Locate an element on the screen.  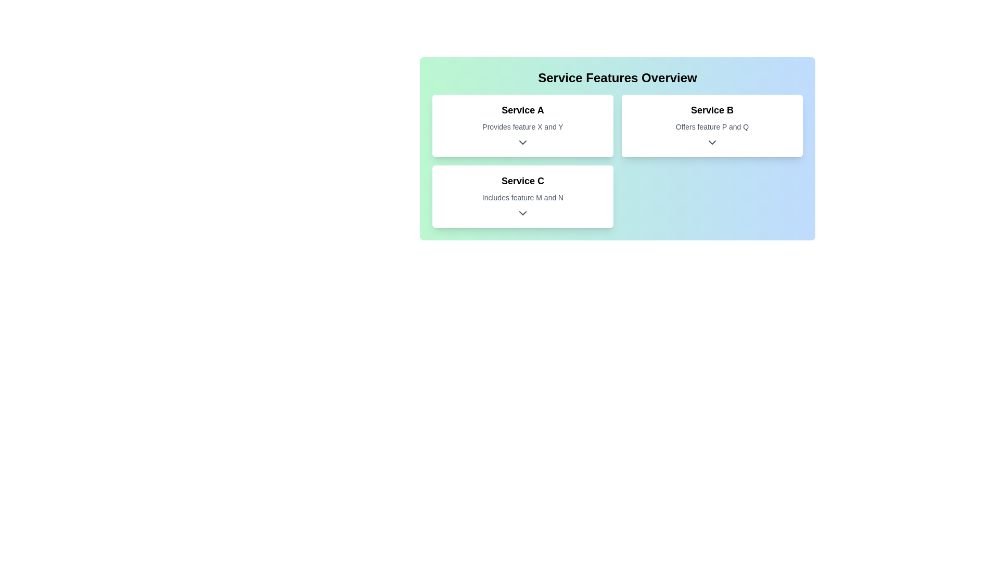
the Dropdown indicator icon located centrally beneath the text 'Provides feature X and Y' is located at coordinates (522, 142).